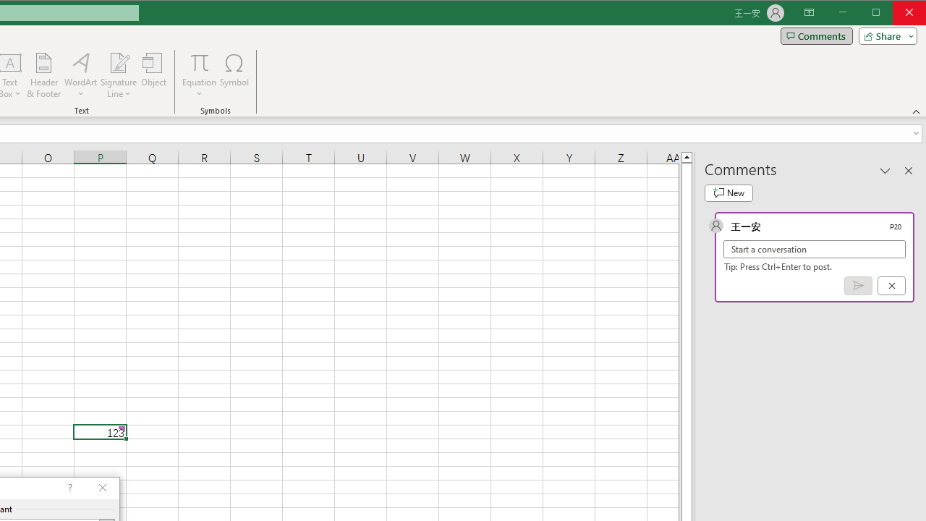  What do you see at coordinates (916, 111) in the screenshot?
I see `'Collapse the Ribbon'` at bounding box center [916, 111].